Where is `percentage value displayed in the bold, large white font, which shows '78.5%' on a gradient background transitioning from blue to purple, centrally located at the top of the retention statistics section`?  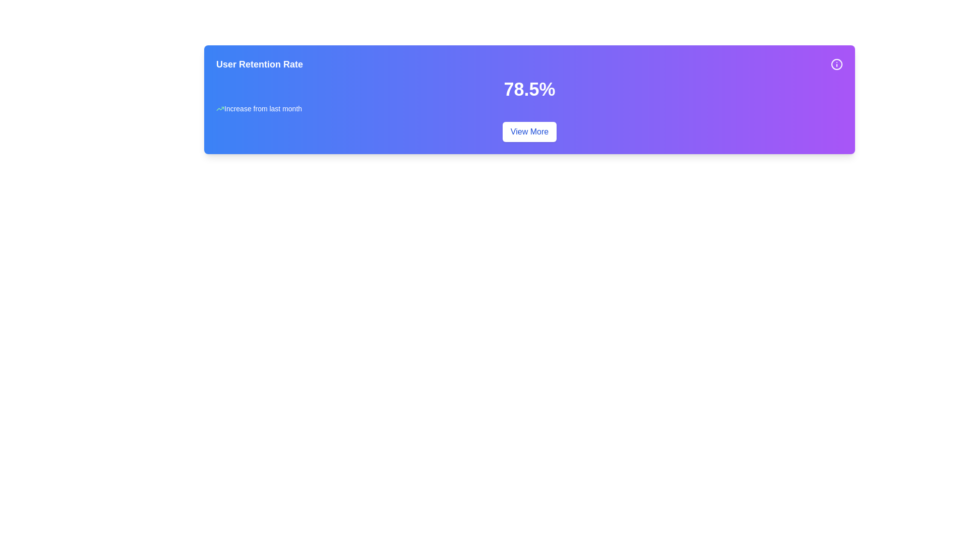
percentage value displayed in the bold, large white font, which shows '78.5%' on a gradient background transitioning from blue to purple, centrally located at the top of the retention statistics section is located at coordinates (529, 89).